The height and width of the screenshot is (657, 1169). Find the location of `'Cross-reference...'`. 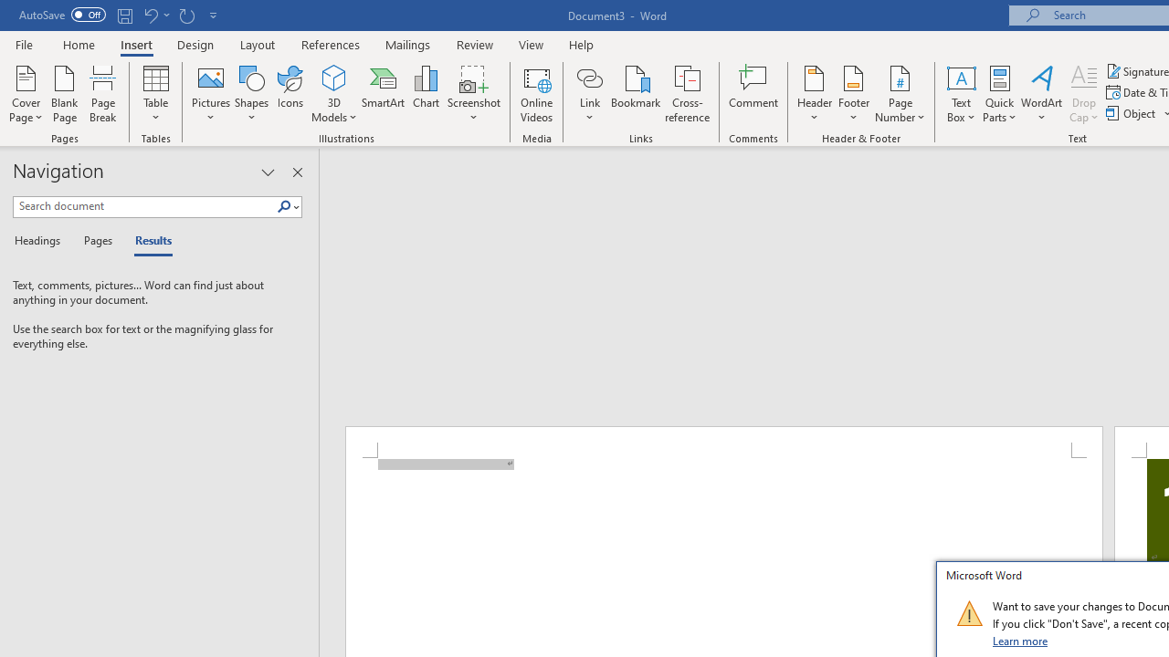

'Cross-reference...' is located at coordinates (686, 94).